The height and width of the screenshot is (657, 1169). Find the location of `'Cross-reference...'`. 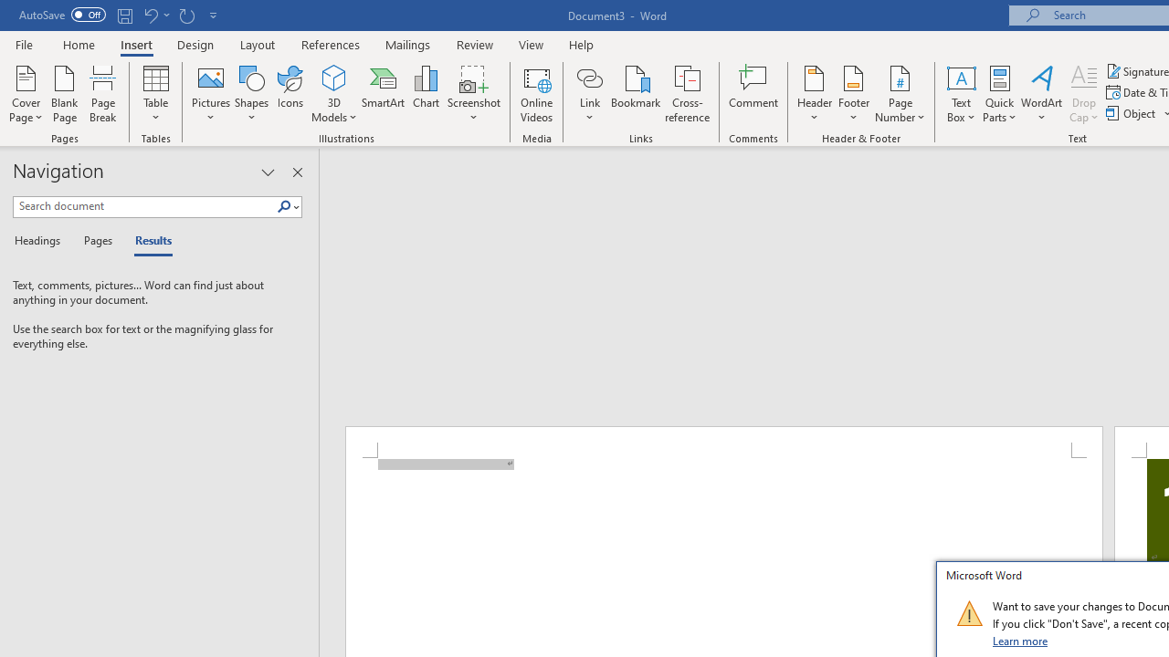

'Cross-reference...' is located at coordinates (686, 94).